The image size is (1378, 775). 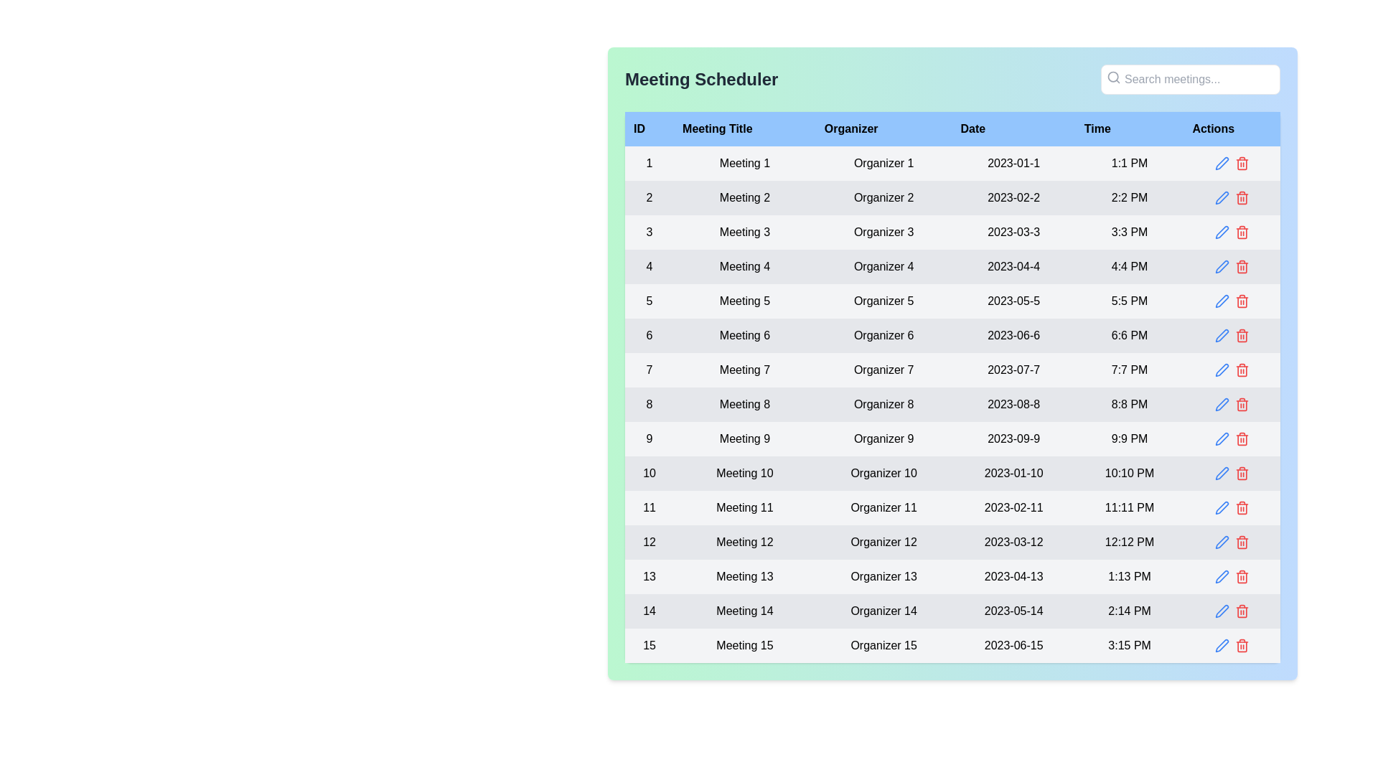 I want to click on the Text Label displaying the name of the organizer for Meeting 7 located in the 7th row of the schedule table, so click(x=883, y=370).